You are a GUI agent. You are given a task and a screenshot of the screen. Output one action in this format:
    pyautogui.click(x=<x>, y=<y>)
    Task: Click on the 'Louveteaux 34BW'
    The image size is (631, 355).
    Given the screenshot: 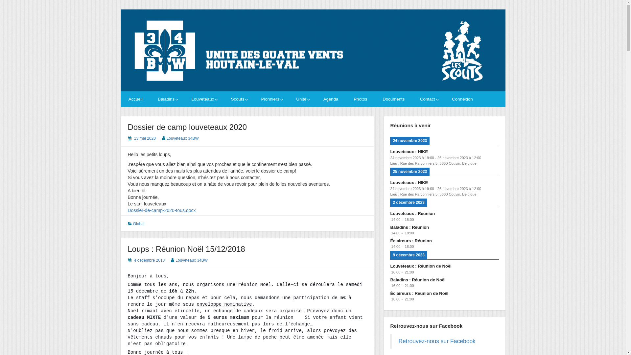 What is the action you would take?
    pyautogui.click(x=191, y=260)
    